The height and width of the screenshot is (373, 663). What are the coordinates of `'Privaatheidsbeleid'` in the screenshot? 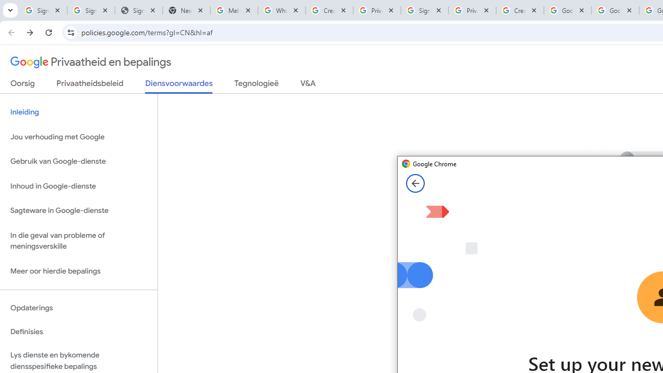 It's located at (90, 85).